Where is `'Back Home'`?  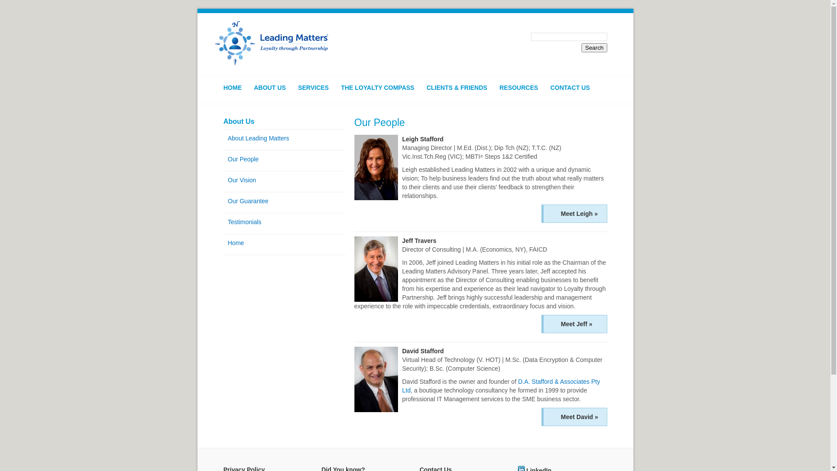 'Back Home' is located at coordinates (271, 44).